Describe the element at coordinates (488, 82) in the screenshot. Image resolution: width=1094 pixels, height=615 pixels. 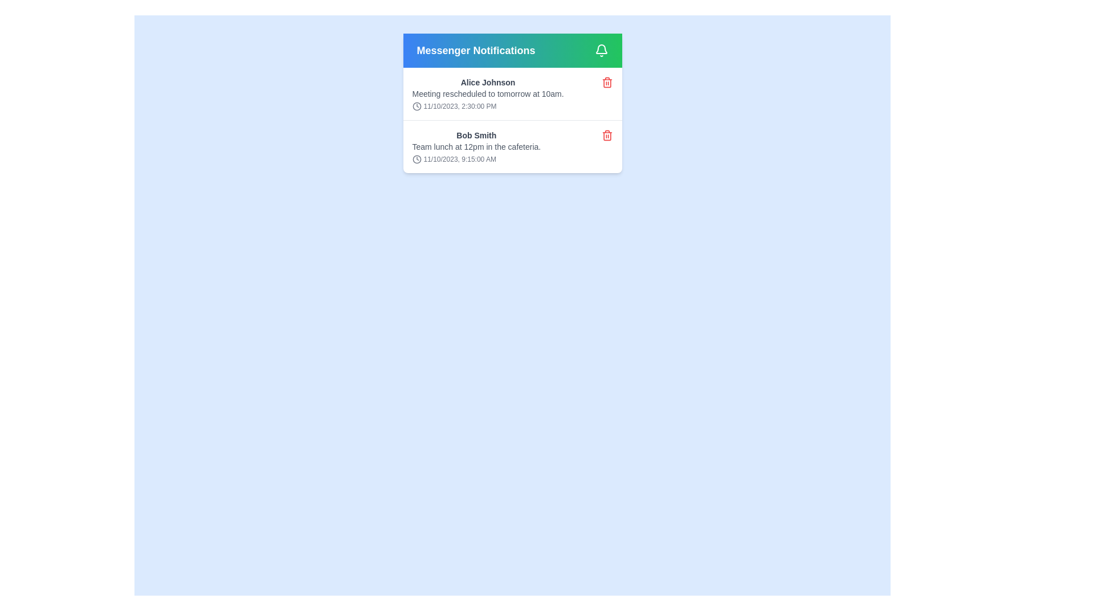
I see `the text label displaying 'Alice Johnson' in bold, dark gray font located in the Messenger Notifications section` at that location.